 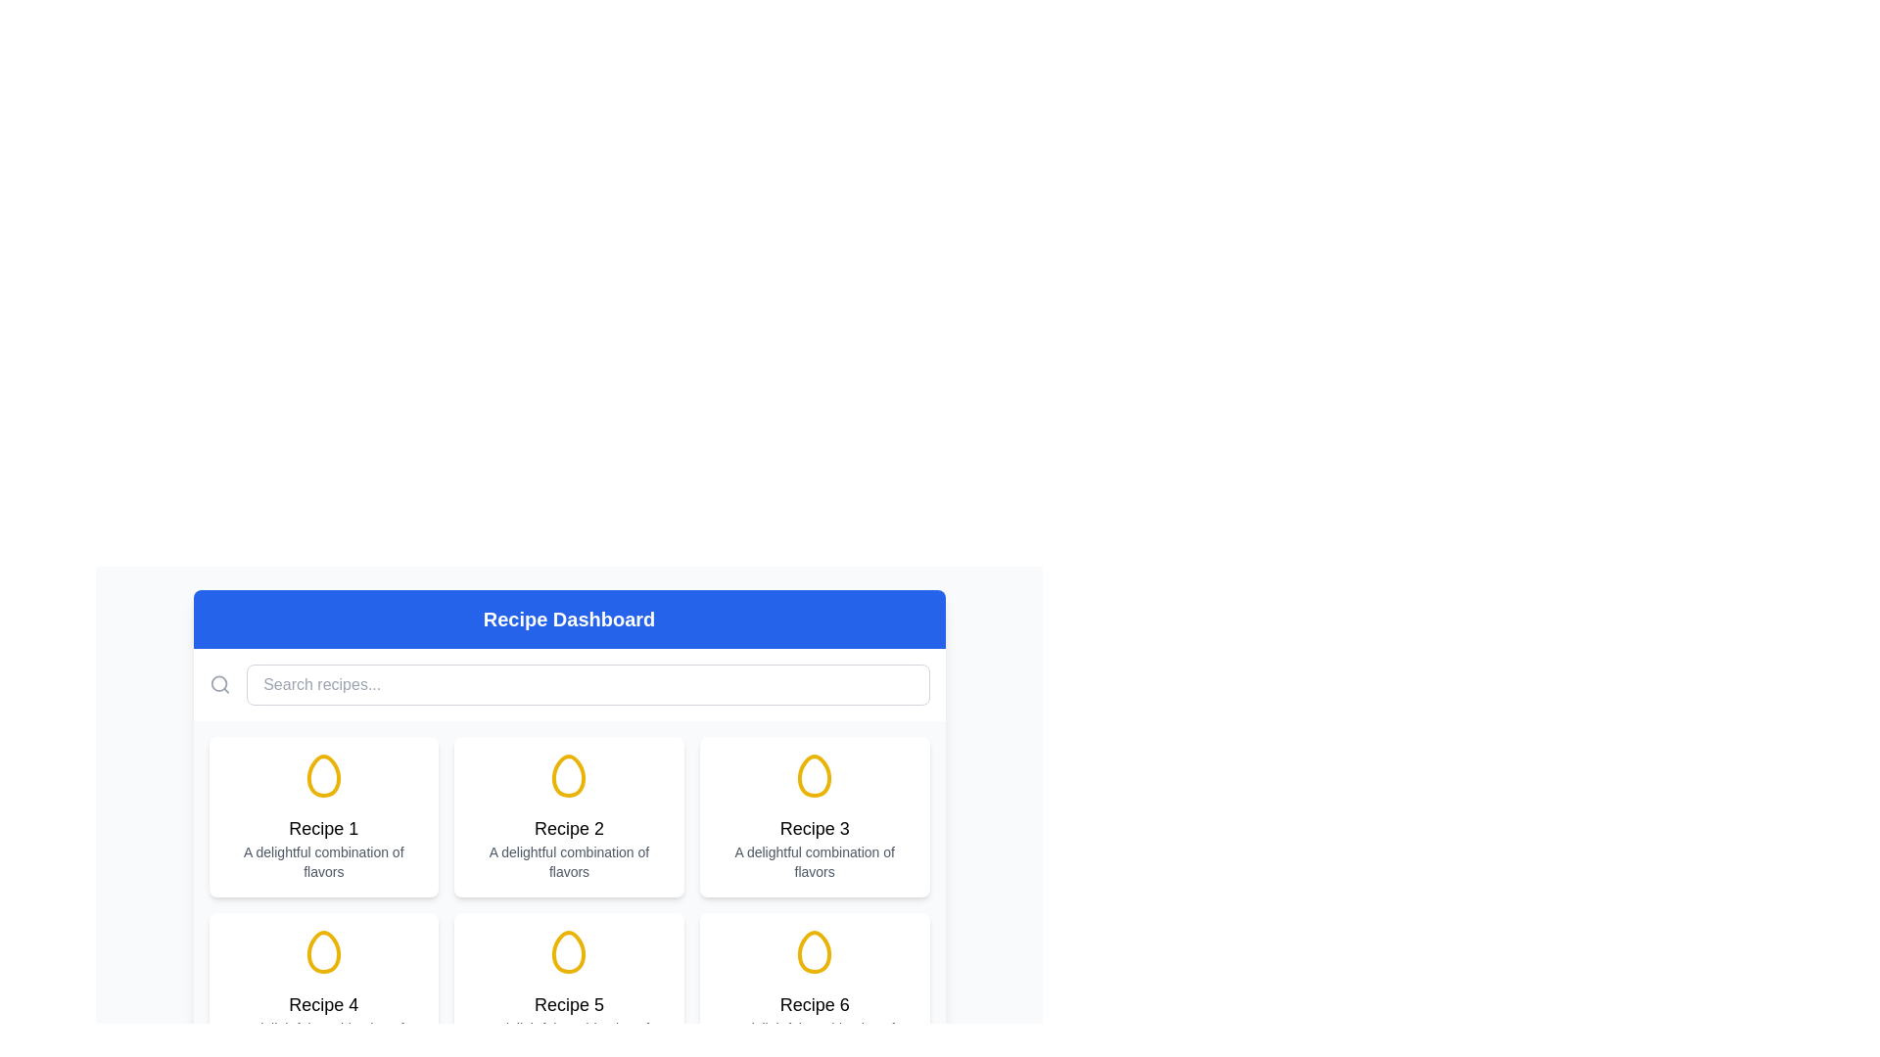 What do you see at coordinates (323, 816) in the screenshot?
I see `the first recipe card in the recipe dashboard, which contains the recipe's name and description, located in the top-left position of the grid layout` at bounding box center [323, 816].